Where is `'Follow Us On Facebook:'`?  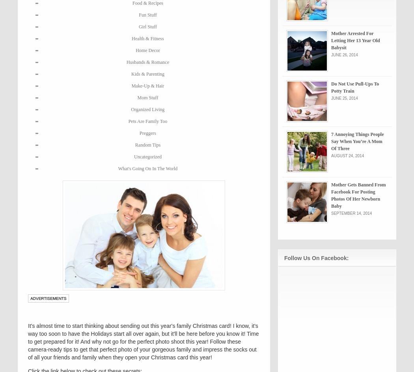
'Follow Us On Facebook:' is located at coordinates (316, 258).